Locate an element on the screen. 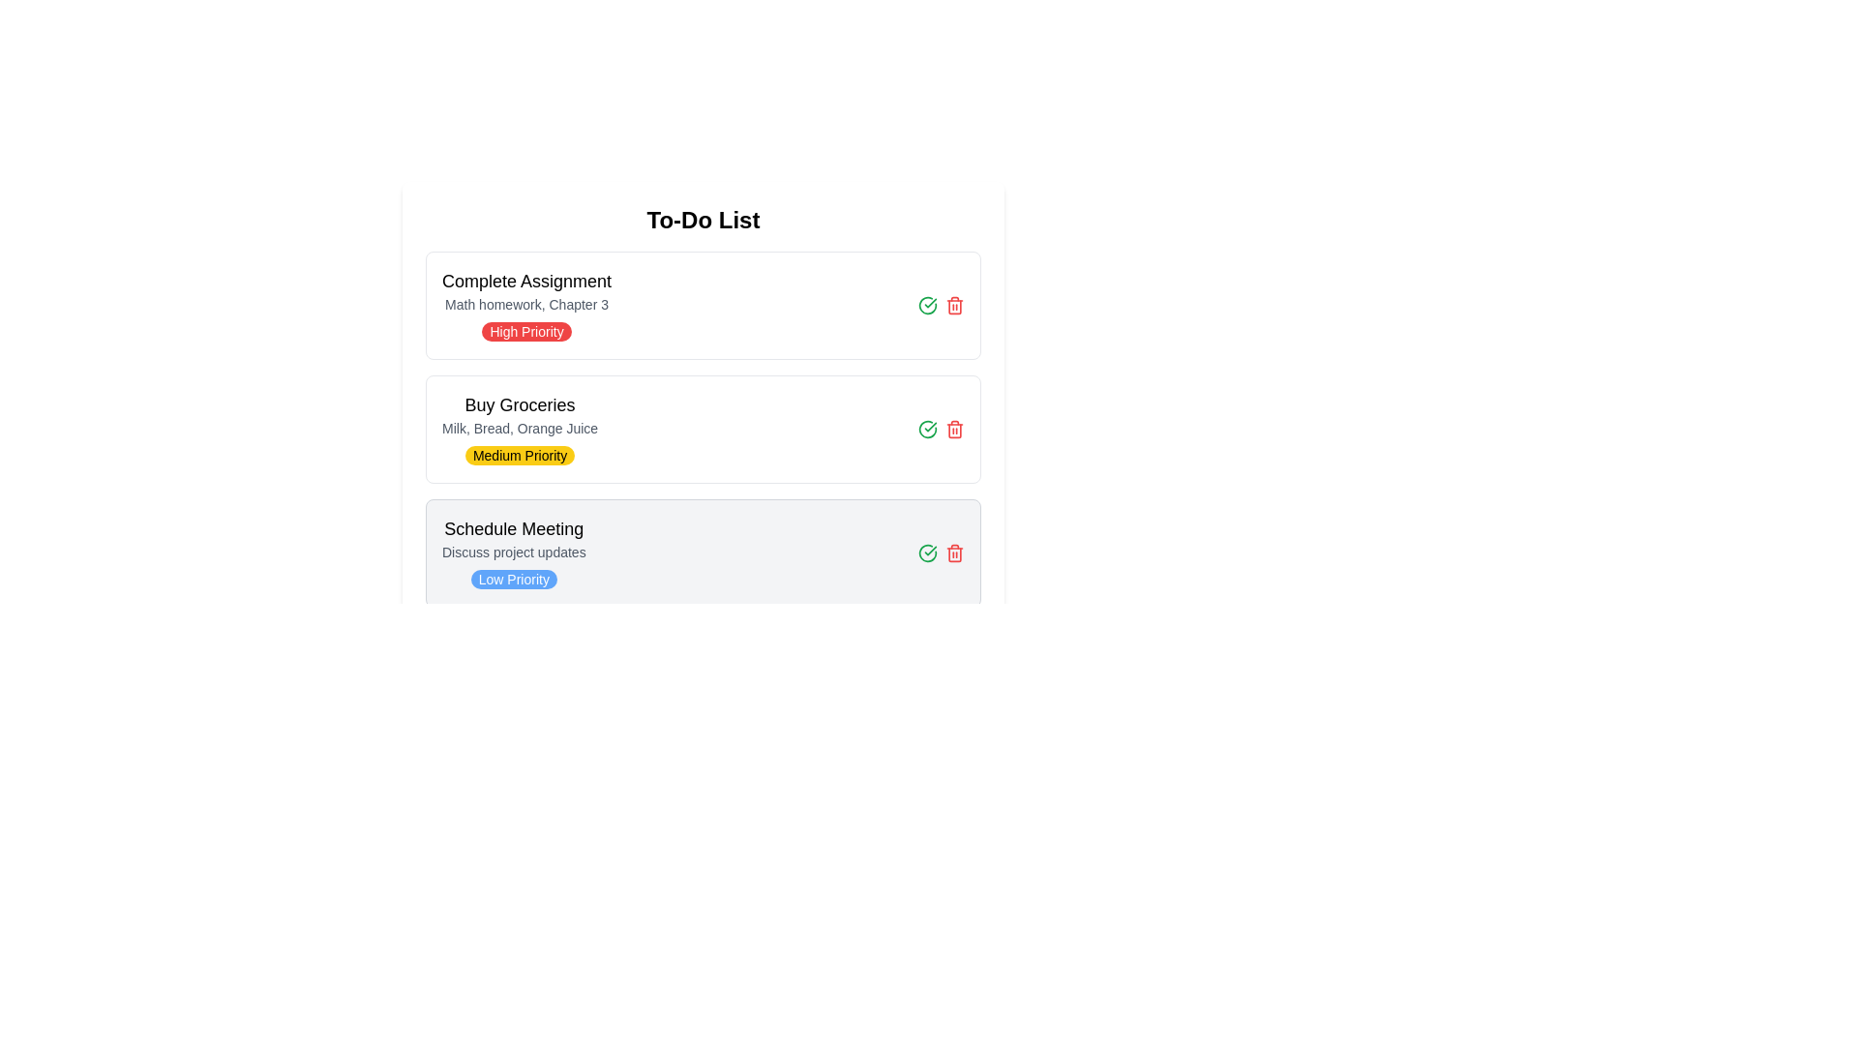 The width and height of the screenshot is (1858, 1045). the circular checkmark icon indicating task completion for the 'Schedule Meeting' item, which is styled with a green stroke and located to the left of the trash bin icon is located at coordinates (927, 428).